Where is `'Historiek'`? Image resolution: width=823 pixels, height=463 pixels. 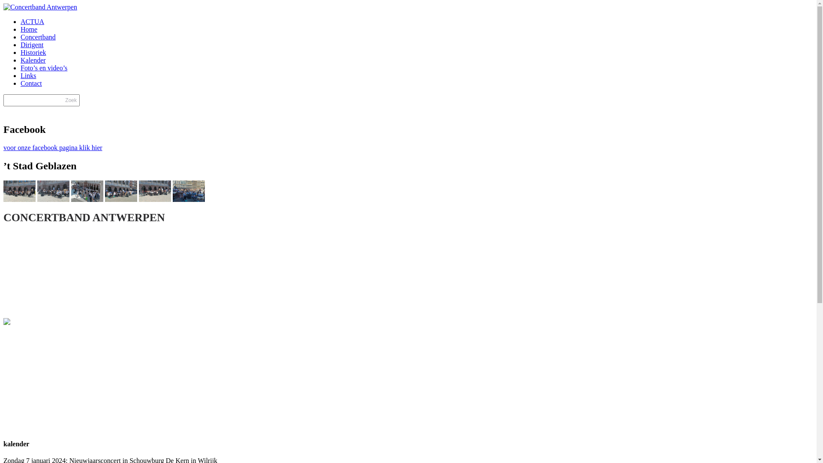
'Historiek' is located at coordinates (21, 52).